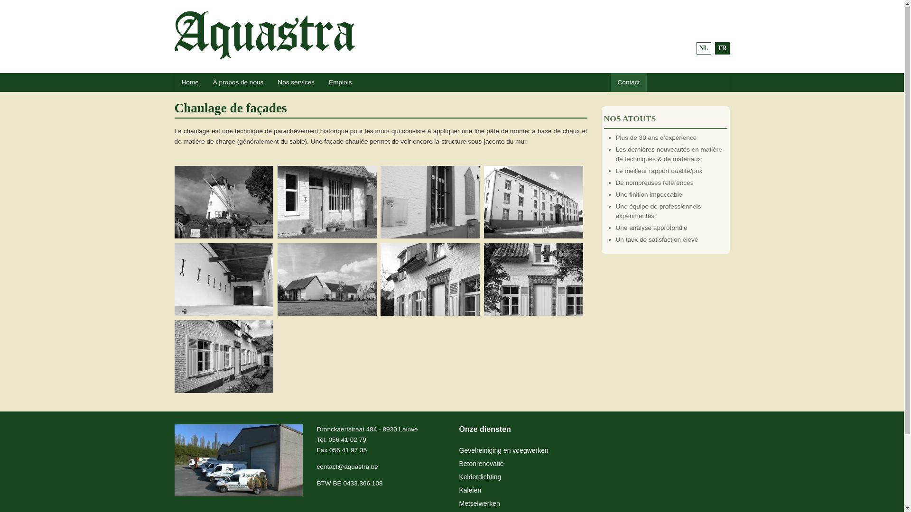 Image resolution: width=911 pixels, height=512 pixels. I want to click on 'Skip to navigation', so click(25, 12).